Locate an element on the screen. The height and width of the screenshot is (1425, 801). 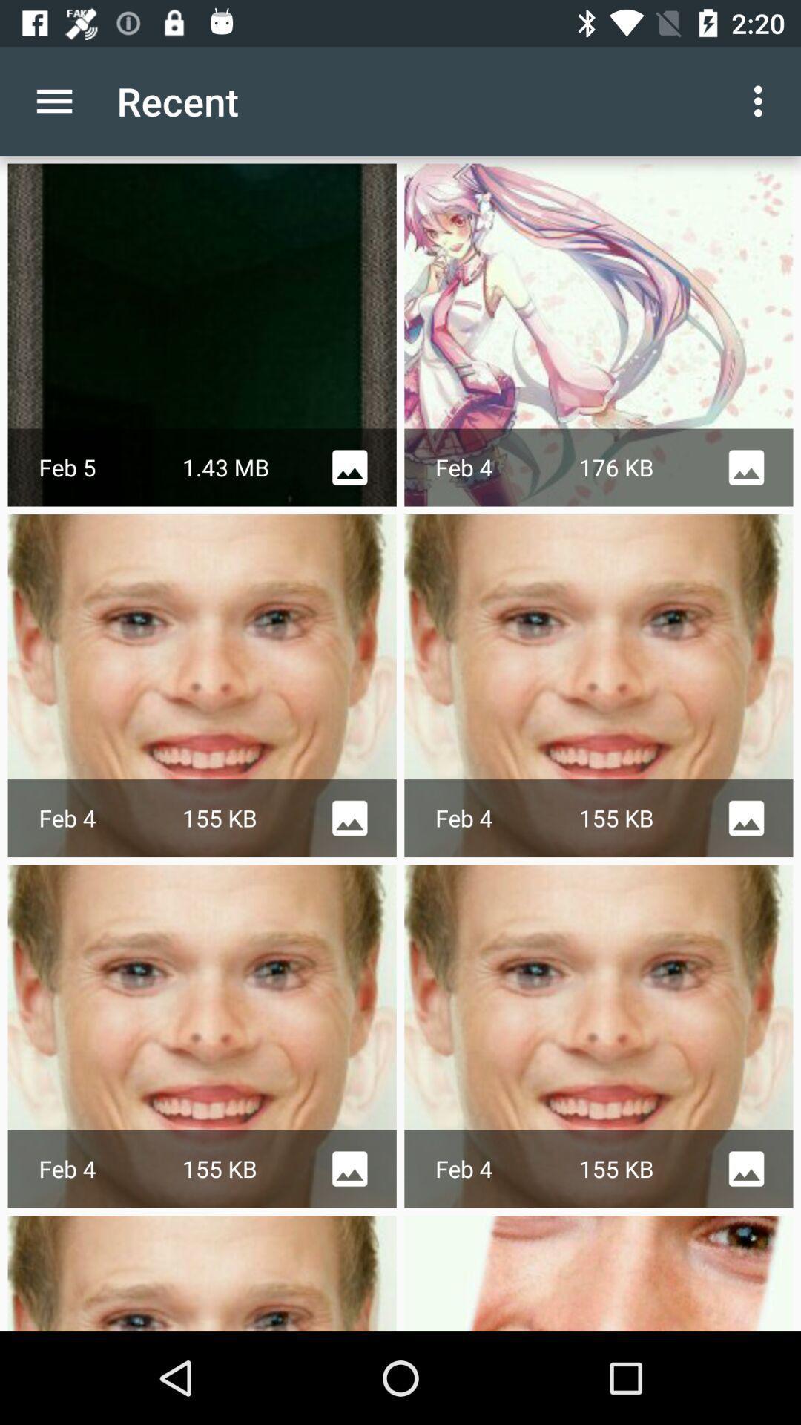
icon next to the recent app is located at coordinates (53, 100).